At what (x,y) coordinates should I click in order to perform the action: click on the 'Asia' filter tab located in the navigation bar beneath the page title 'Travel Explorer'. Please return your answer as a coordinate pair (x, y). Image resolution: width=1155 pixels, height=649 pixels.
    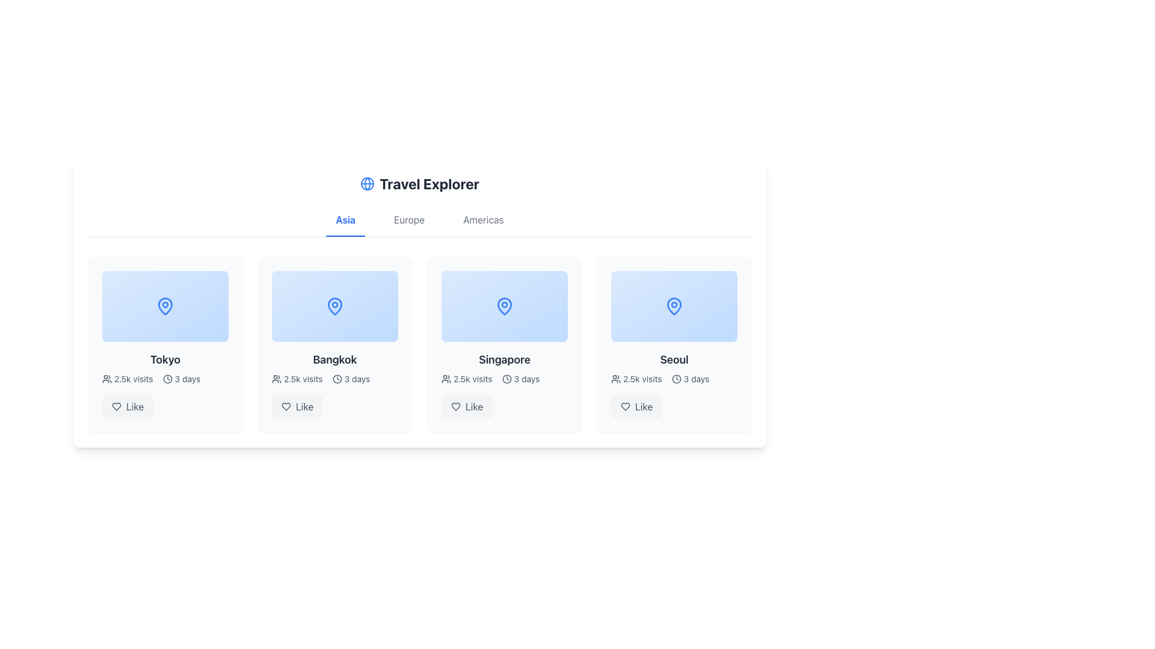
    Looking at the image, I should click on (345, 225).